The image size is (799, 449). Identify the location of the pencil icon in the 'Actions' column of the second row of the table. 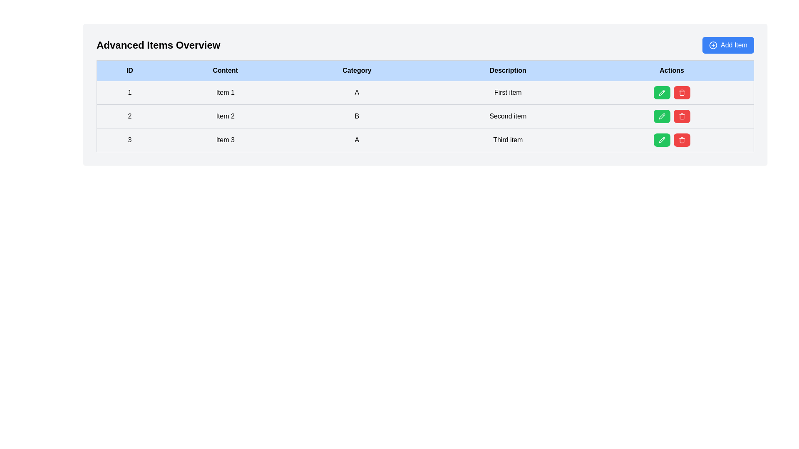
(661, 116).